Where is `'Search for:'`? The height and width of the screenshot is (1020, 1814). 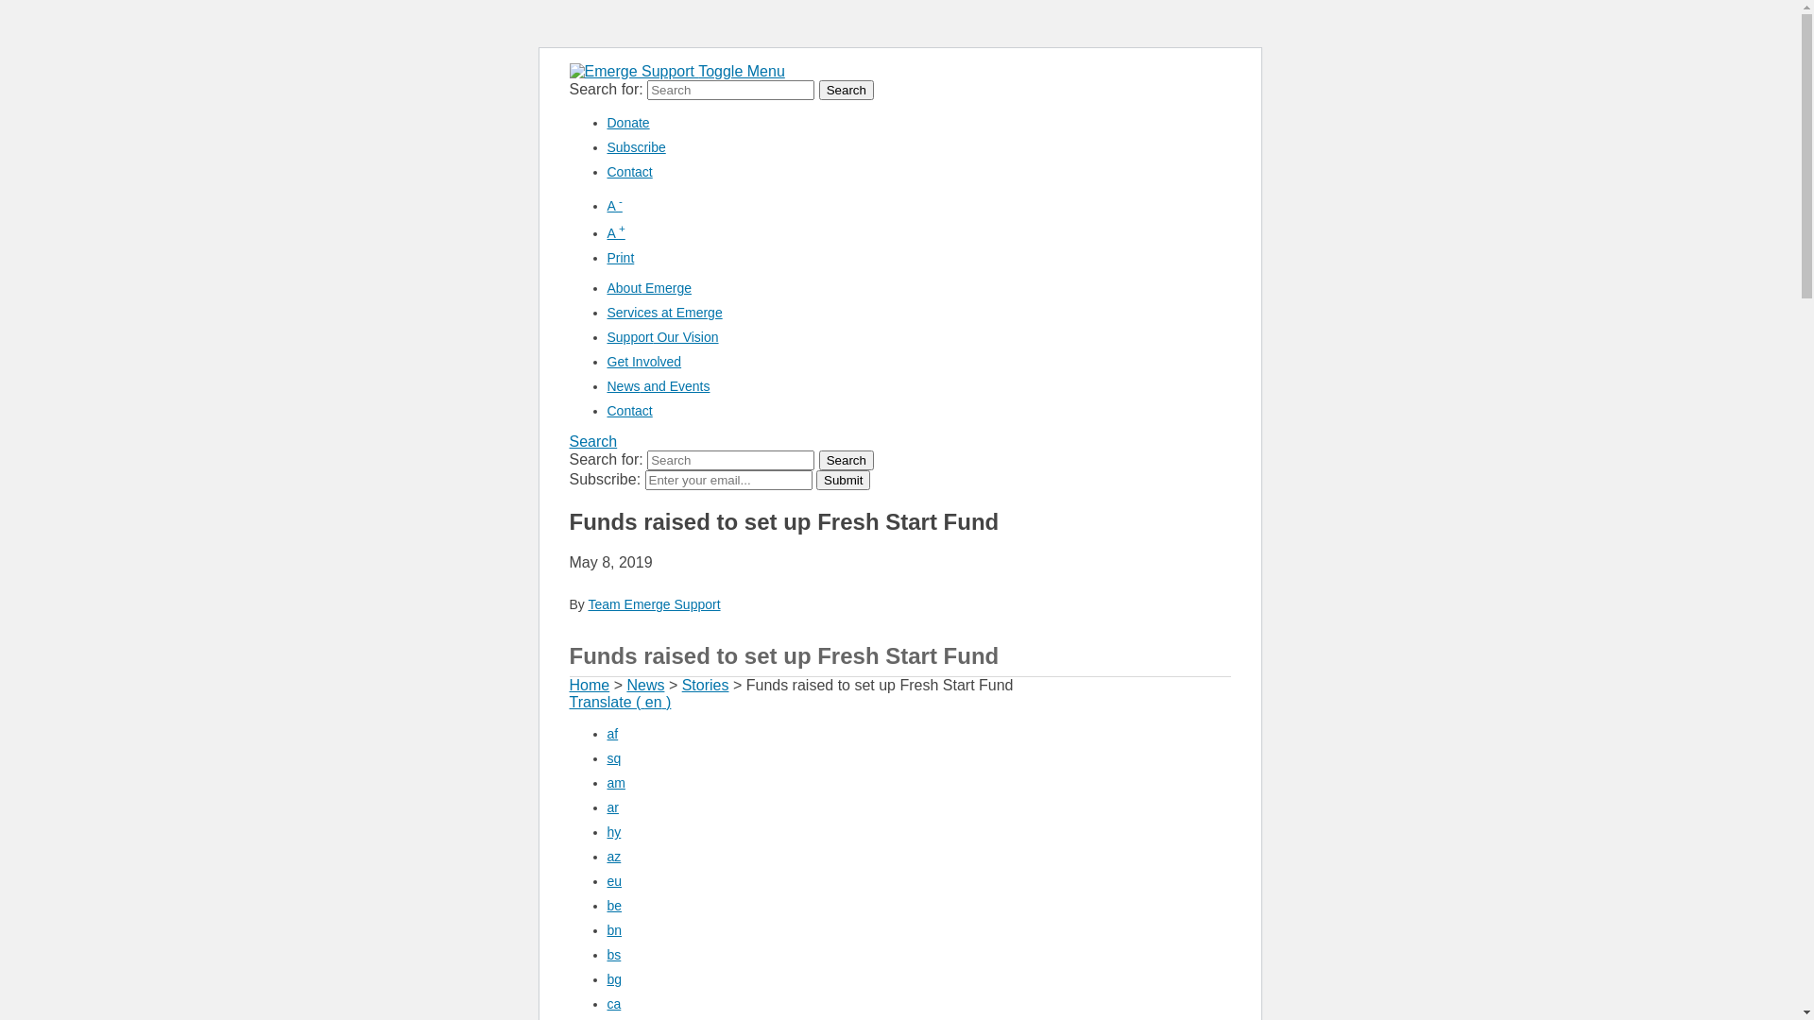
'Search for:' is located at coordinates (729, 460).